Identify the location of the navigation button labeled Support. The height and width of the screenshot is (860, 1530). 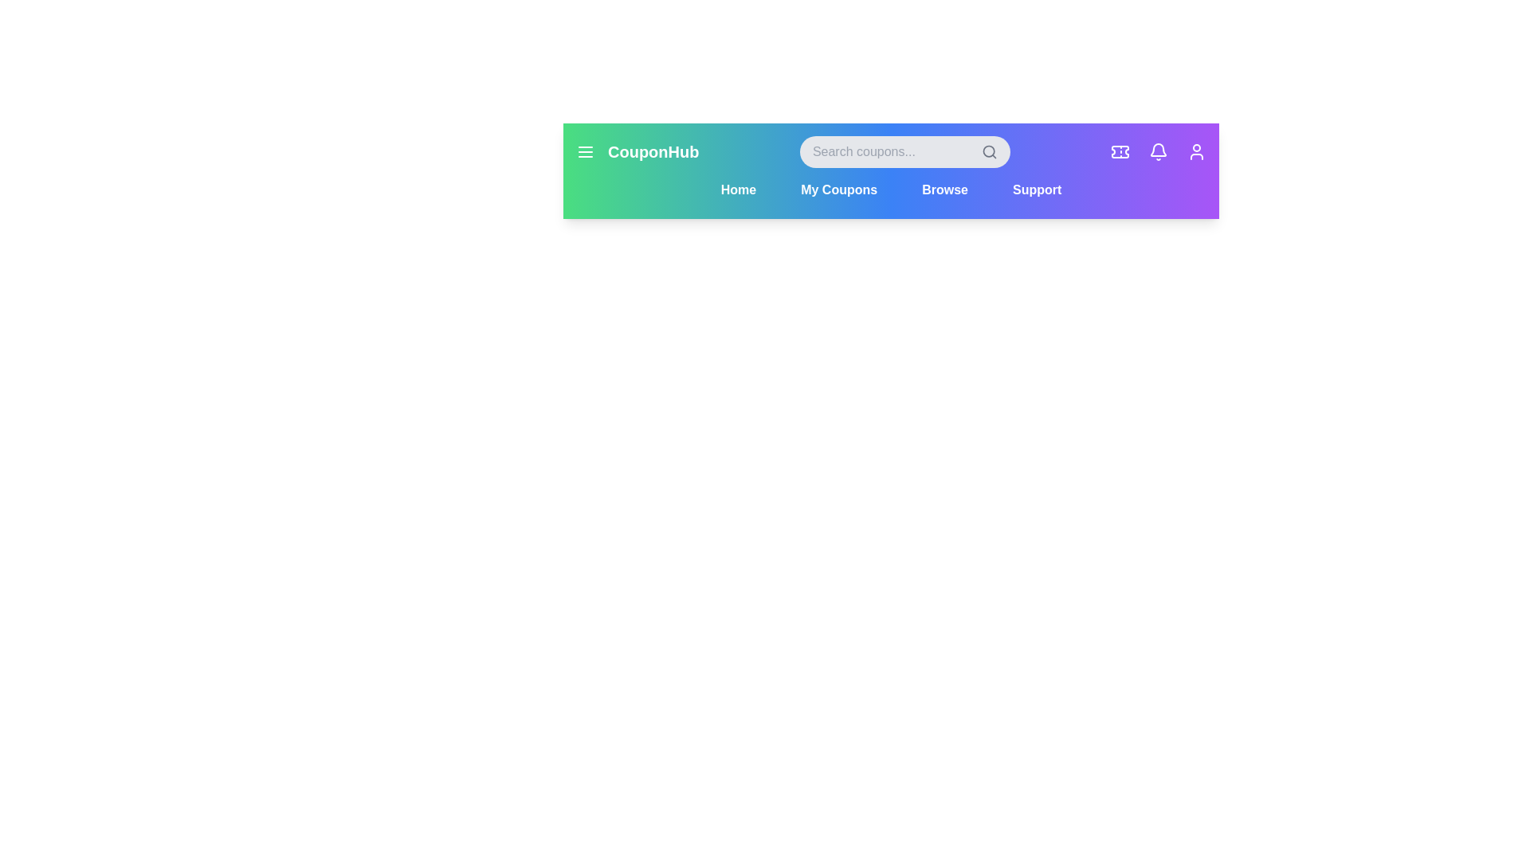
(1037, 190).